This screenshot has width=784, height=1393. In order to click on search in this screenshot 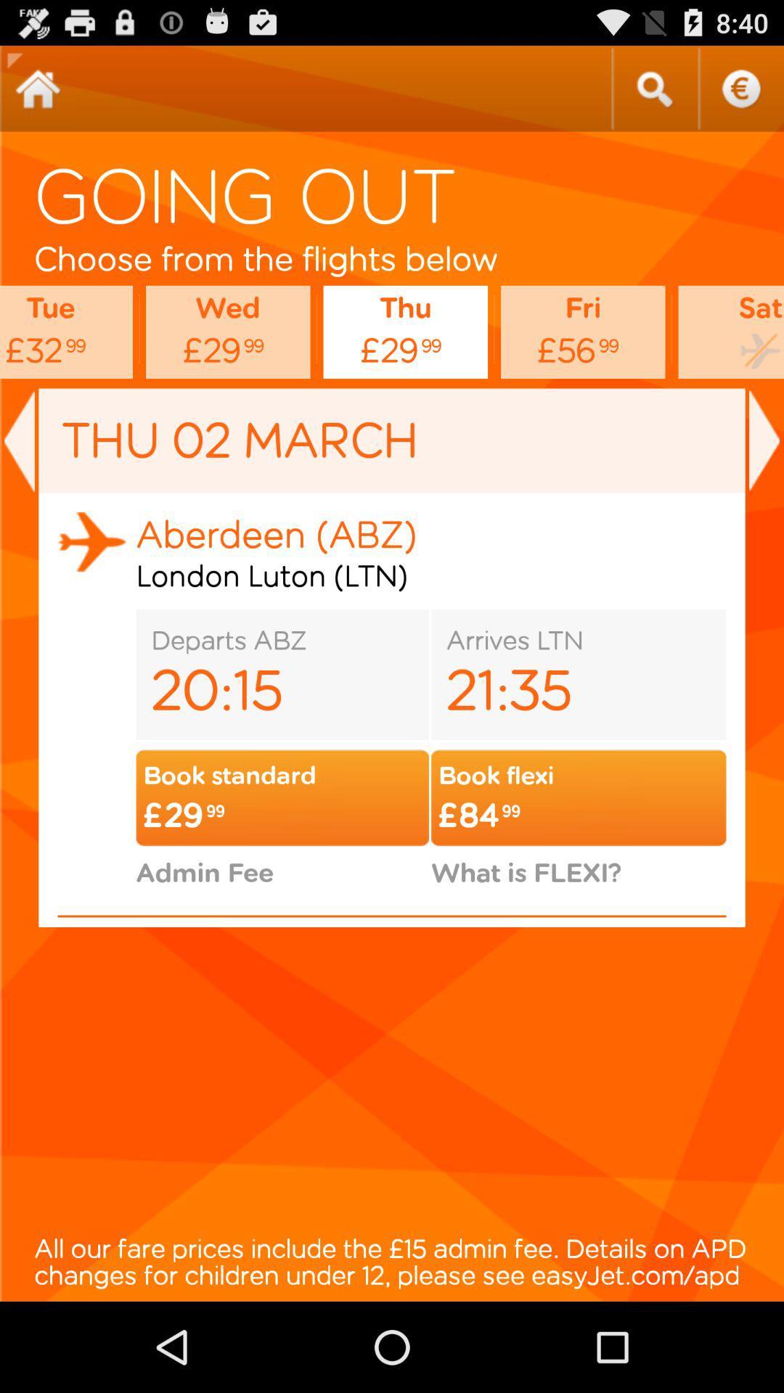, I will do `click(654, 88)`.